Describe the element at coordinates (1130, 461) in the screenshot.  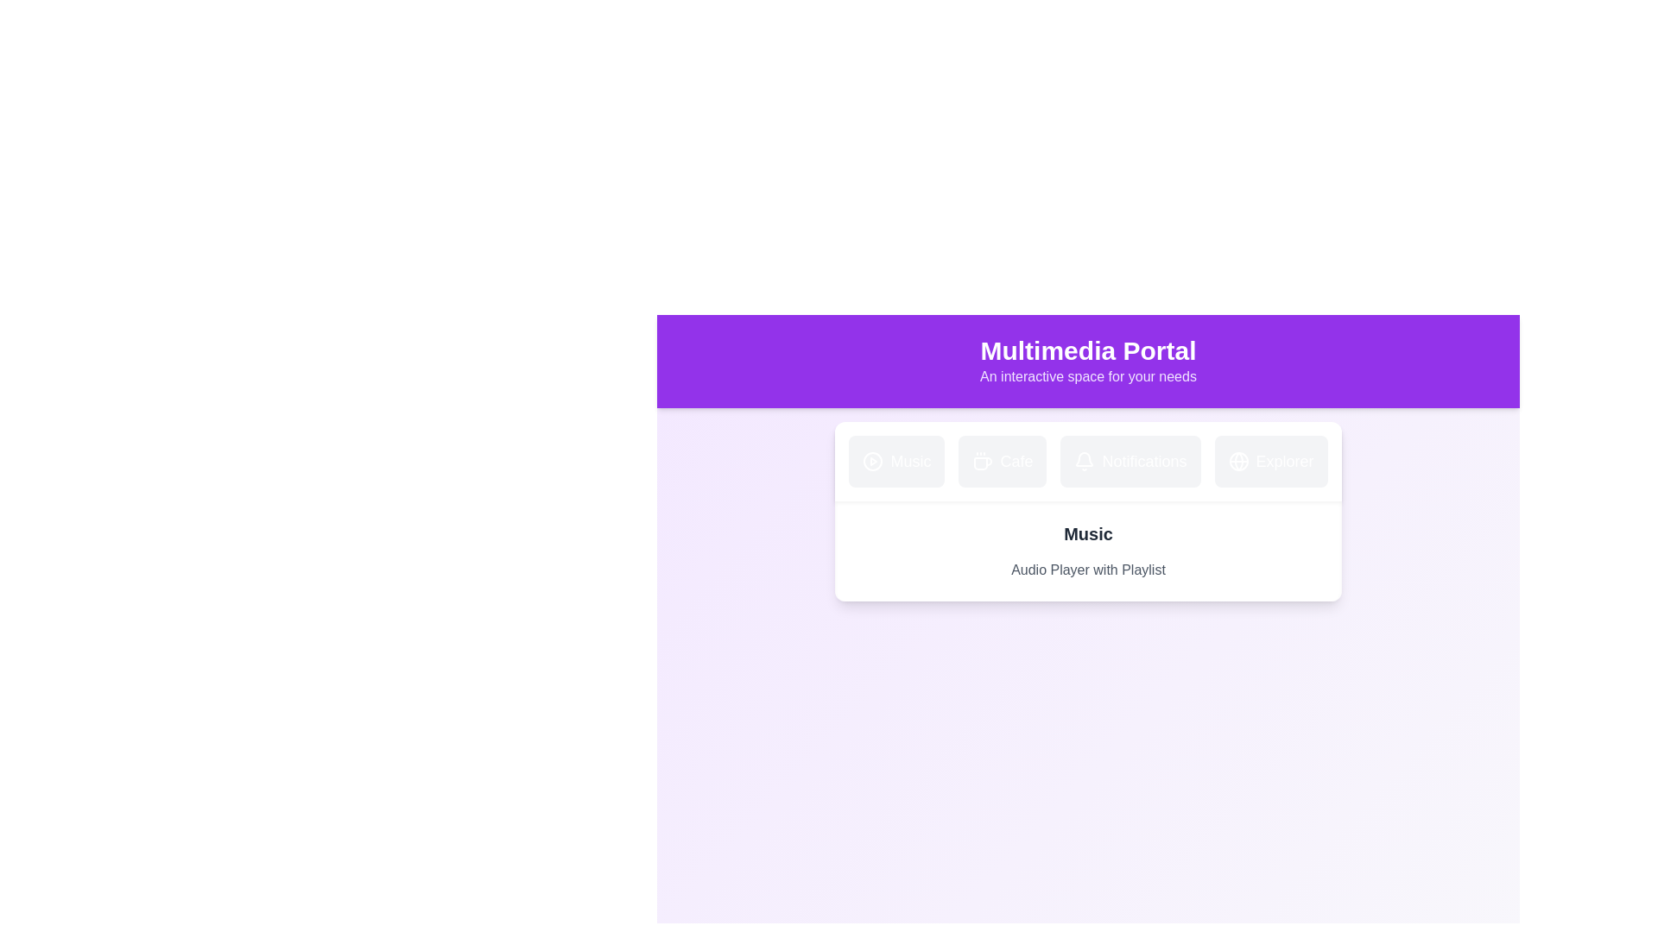
I see `the 'Notifications' button in the navigation bar` at that location.